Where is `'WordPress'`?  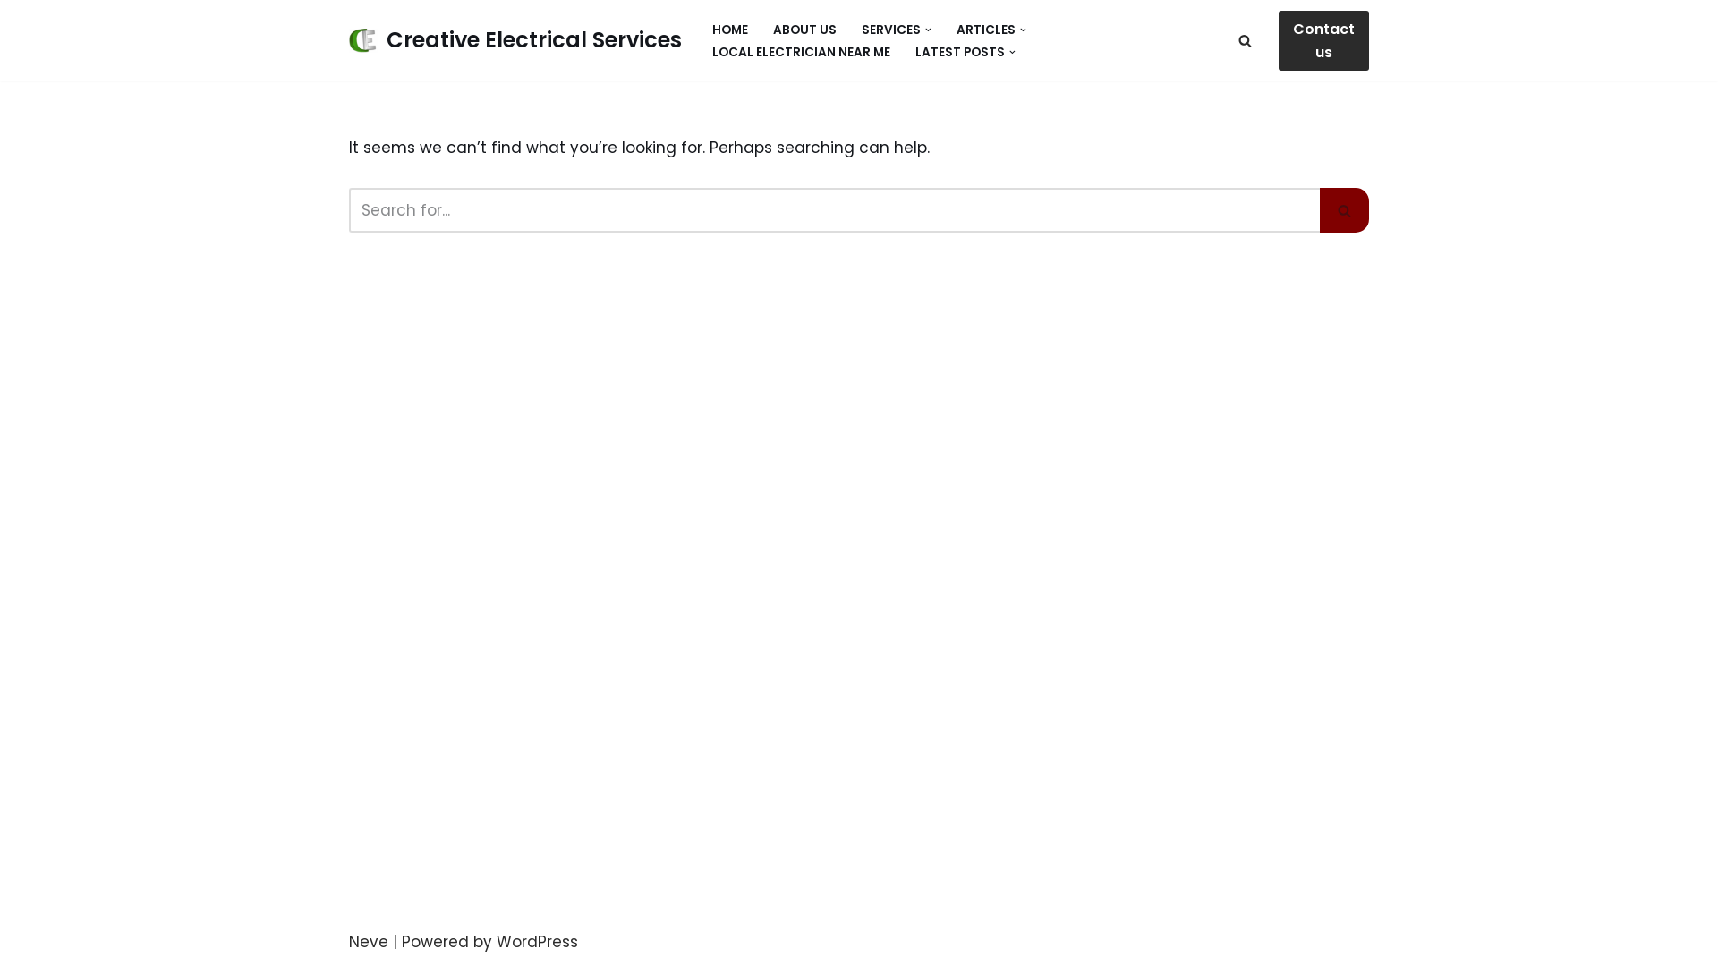
'WordPress' is located at coordinates (536, 941).